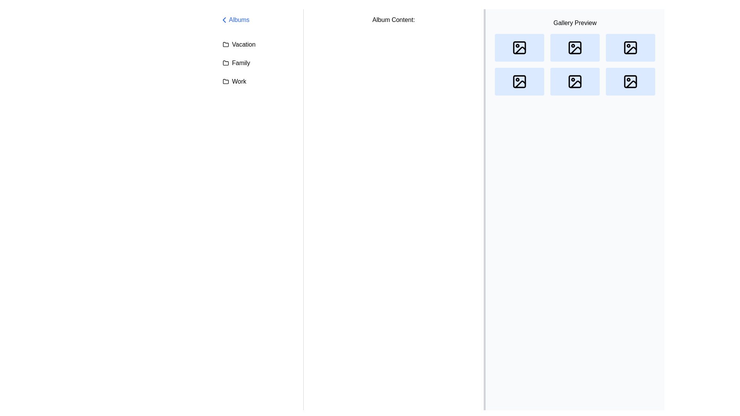  I want to click on the icon placeholder with a light blue background and rounded corners, which contains a stylized image symbol, so click(631, 47).